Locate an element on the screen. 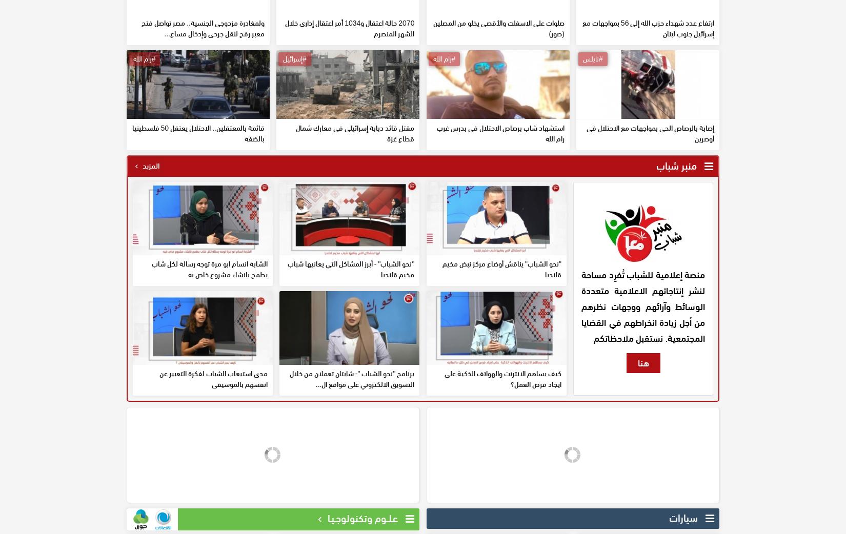  '#نابلس' is located at coordinates (592, 132).